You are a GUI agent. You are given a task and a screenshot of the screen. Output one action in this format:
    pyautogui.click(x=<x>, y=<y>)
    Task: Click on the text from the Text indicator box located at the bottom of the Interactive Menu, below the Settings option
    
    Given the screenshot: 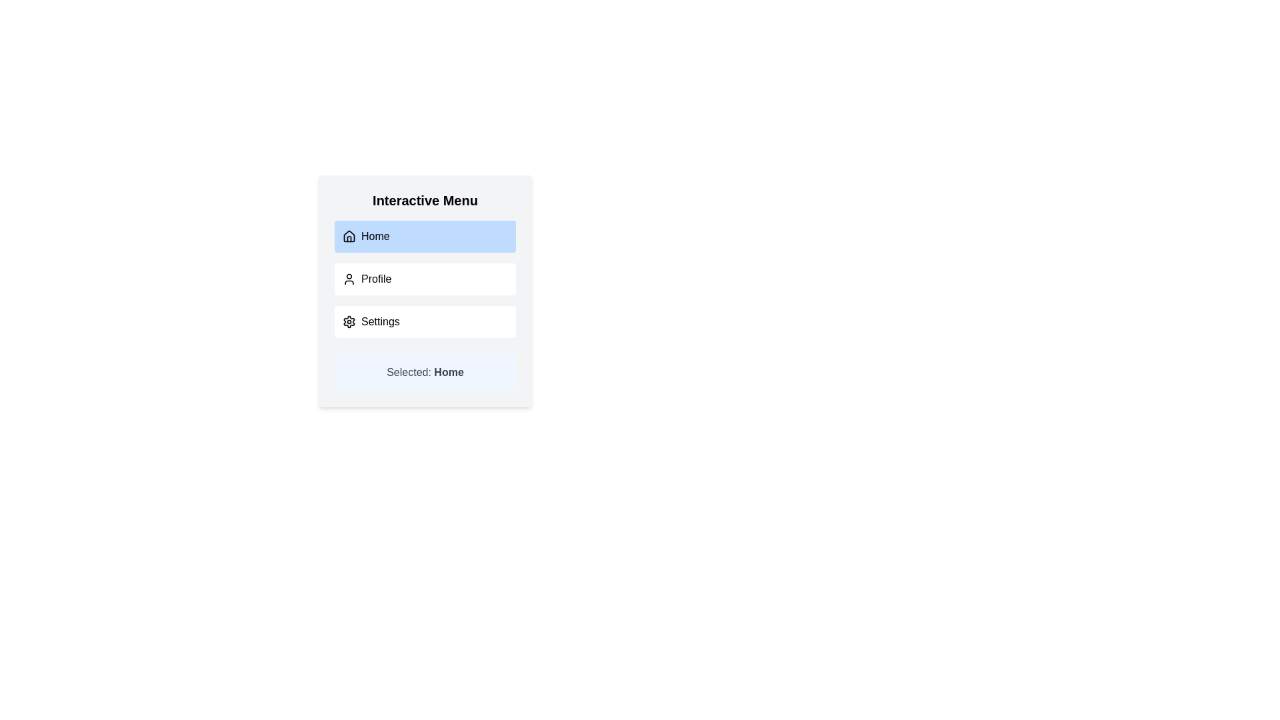 What is the action you would take?
    pyautogui.click(x=425, y=373)
    